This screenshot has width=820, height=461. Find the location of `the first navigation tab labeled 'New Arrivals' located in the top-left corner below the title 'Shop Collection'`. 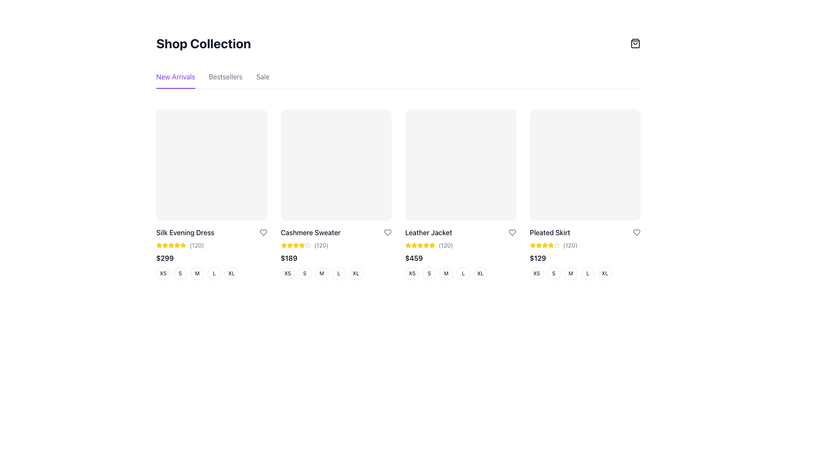

the first navigation tab labeled 'New Arrivals' located in the top-left corner below the title 'Shop Collection' is located at coordinates (175, 80).